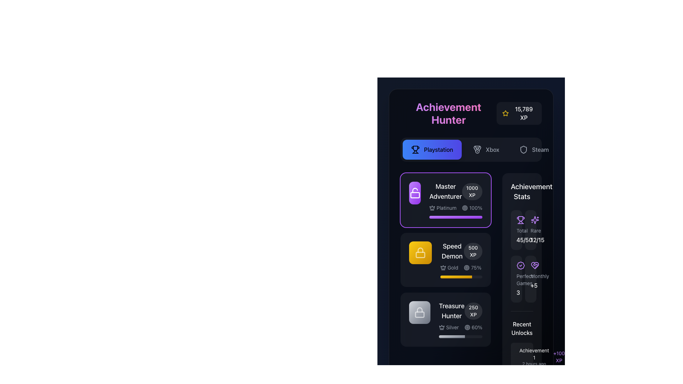 This screenshot has width=683, height=384. I want to click on the inactive text label indicating the 'xbox' option in the horizontal menu bar, which is the third item, located slightly right of center and flanked by 'Playstation' and 'Steam', so click(492, 149).